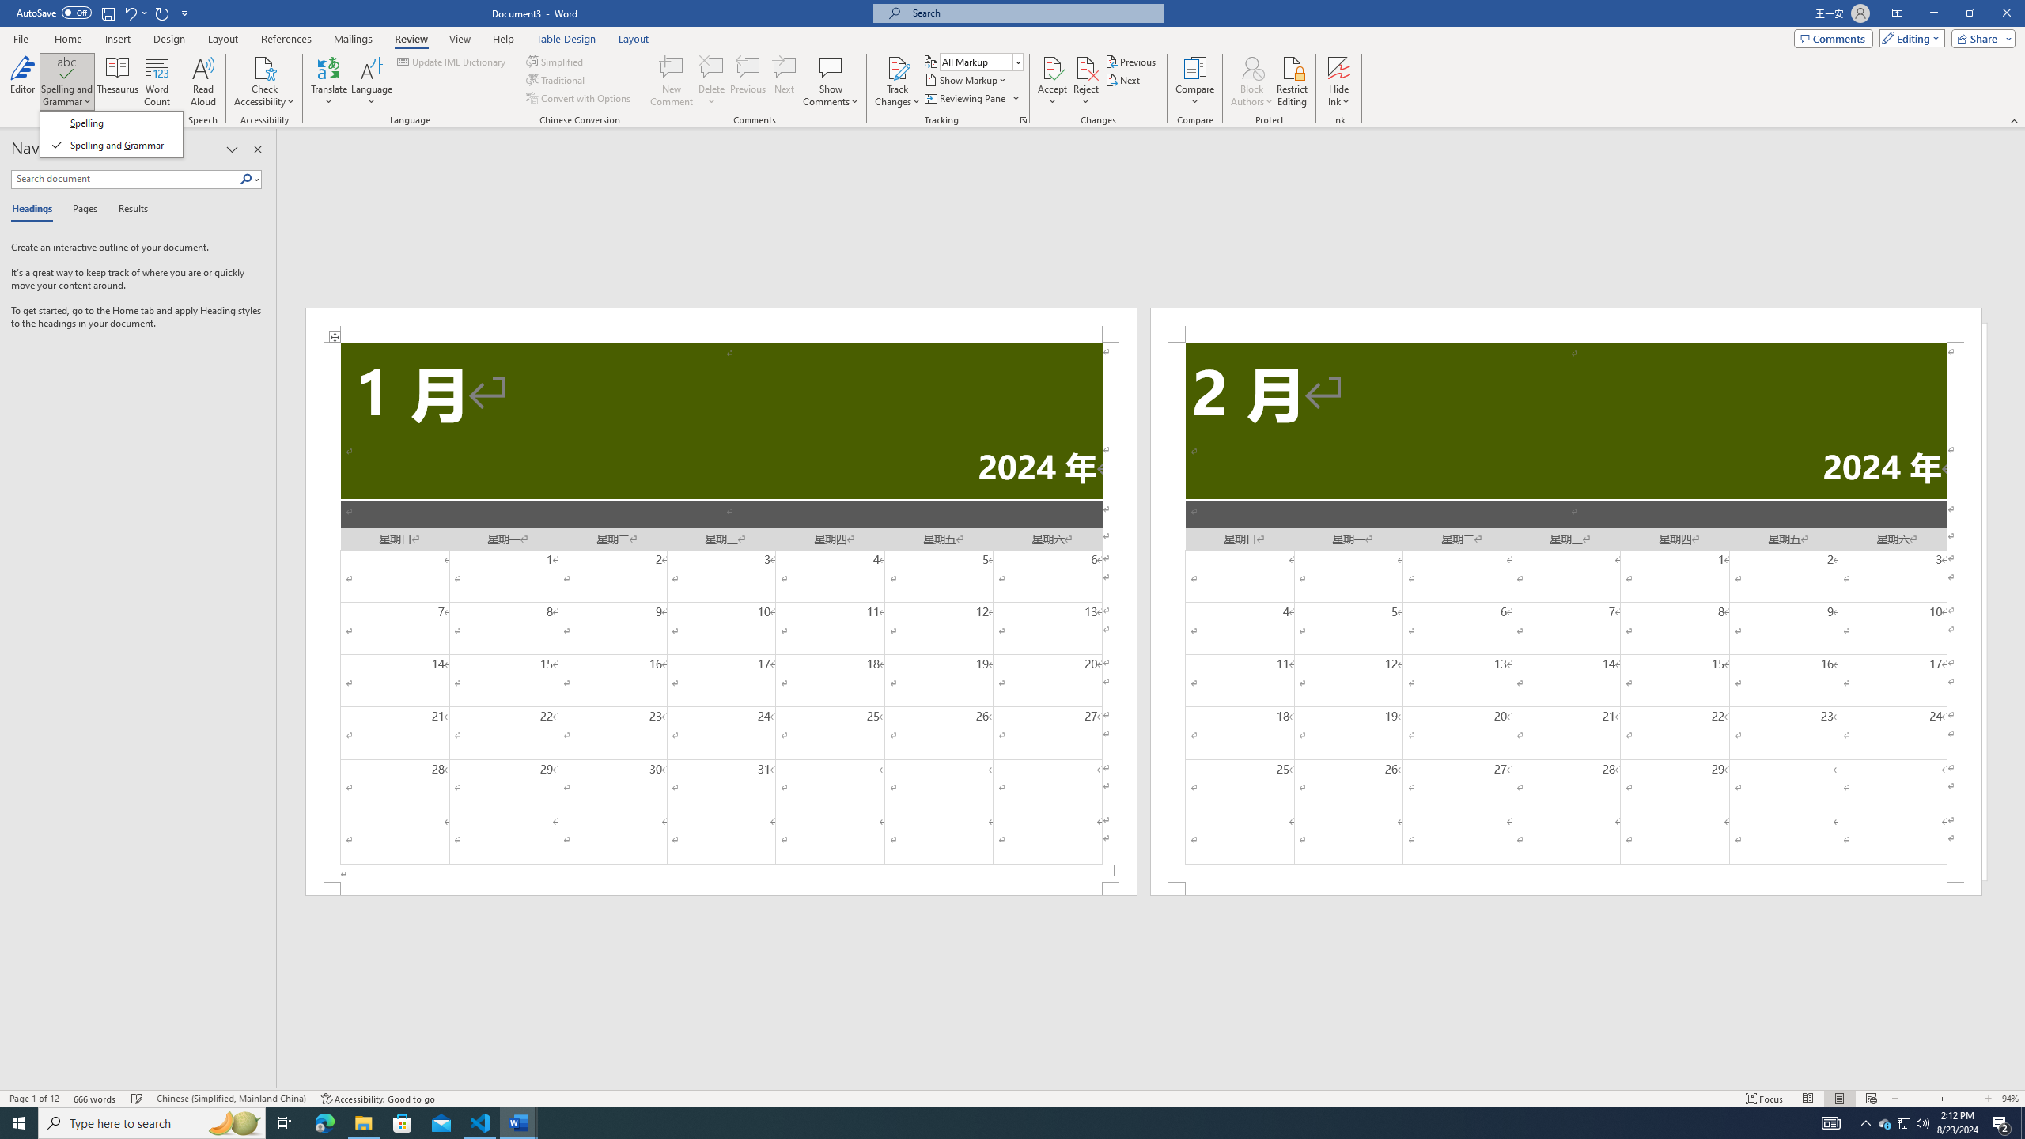 Image resolution: width=2025 pixels, height=1139 pixels. Describe the element at coordinates (1566, 324) in the screenshot. I see `'Header -Section 2-'` at that location.